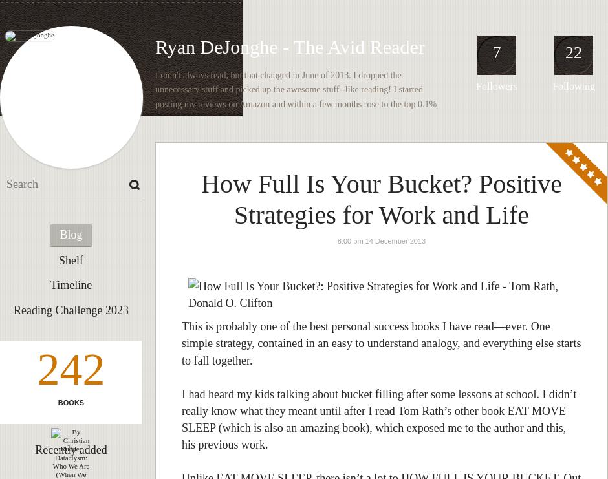  What do you see at coordinates (380, 343) in the screenshot?
I see `'This is probably one of the best personal success books I have read—ever. One simple strategy, contained in an easy to understand analogy, and everything else starts to fall together.'` at bounding box center [380, 343].